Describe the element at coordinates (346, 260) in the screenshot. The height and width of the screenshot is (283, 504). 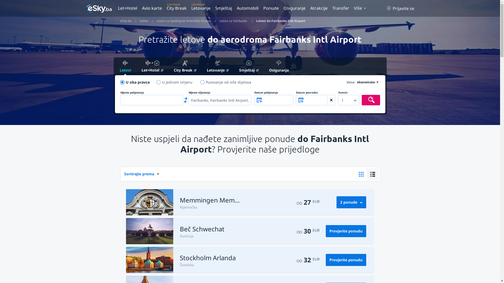
I see `'Provjerite ponudu'` at that location.